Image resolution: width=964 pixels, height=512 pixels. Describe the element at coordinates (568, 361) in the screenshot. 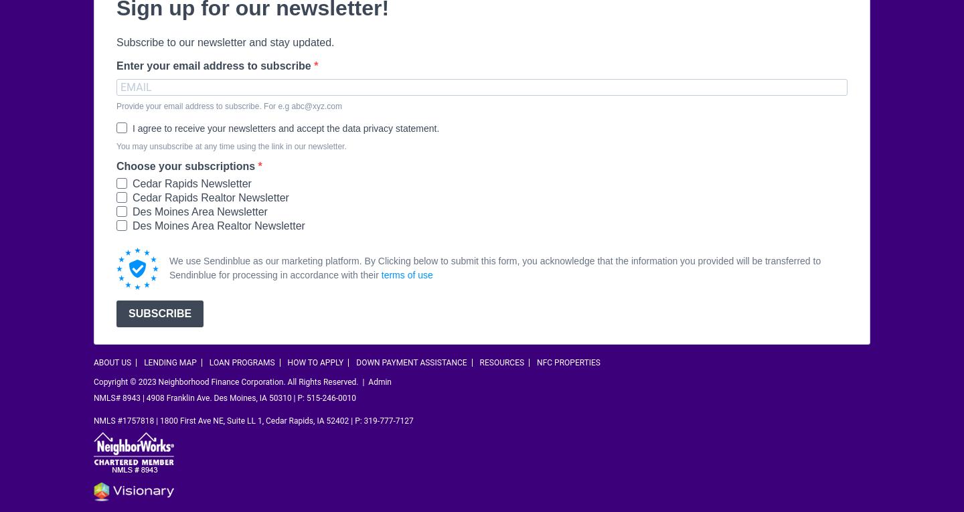

I see `'NFC Properties'` at that location.